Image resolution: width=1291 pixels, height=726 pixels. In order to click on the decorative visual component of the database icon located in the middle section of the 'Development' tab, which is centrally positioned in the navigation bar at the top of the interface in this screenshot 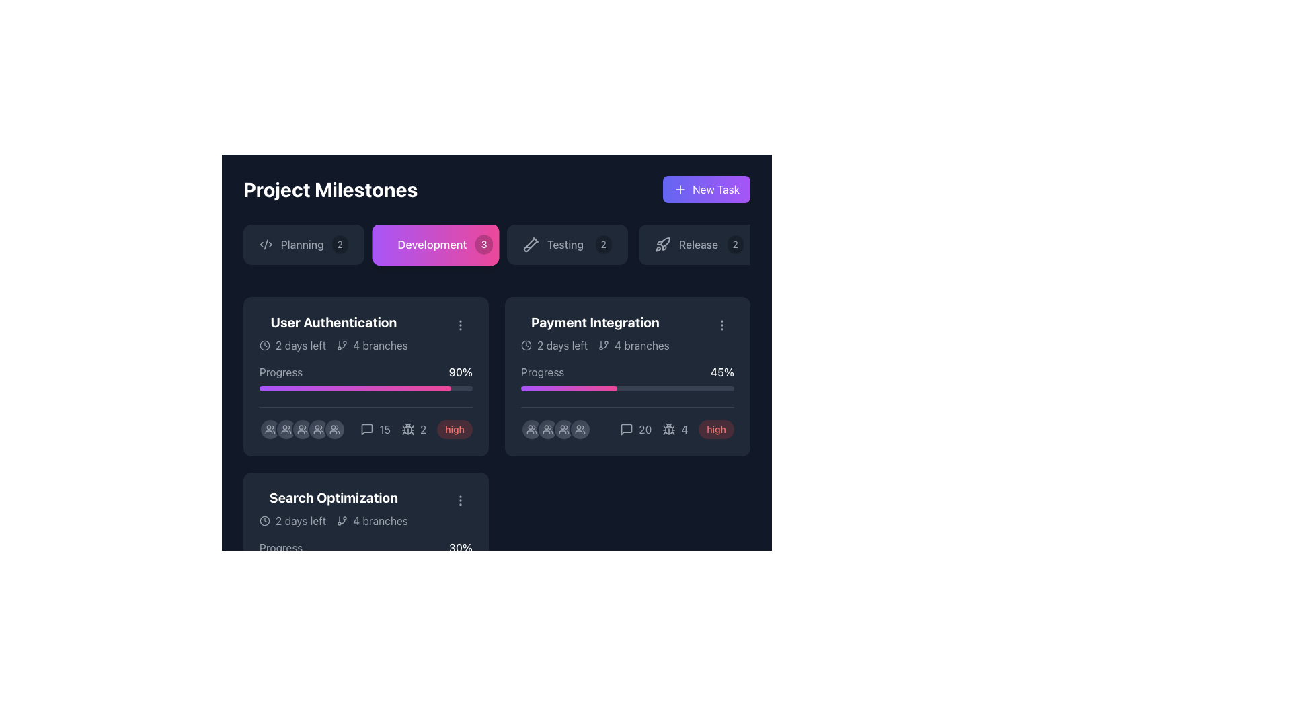, I will do `click(397, 245)`.